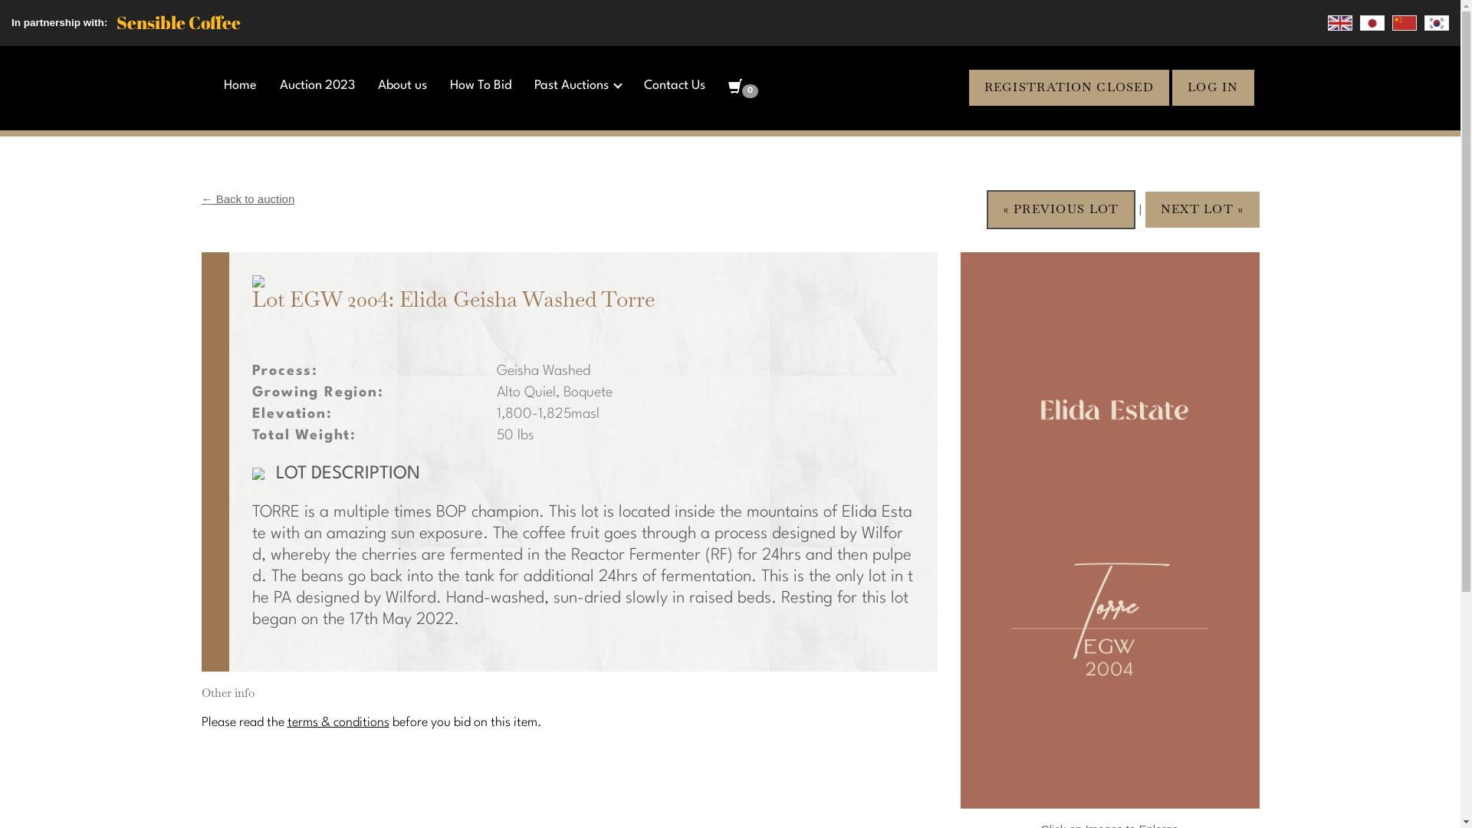 The height and width of the screenshot is (828, 1472). I want to click on 'ja', so click(1372, 23).